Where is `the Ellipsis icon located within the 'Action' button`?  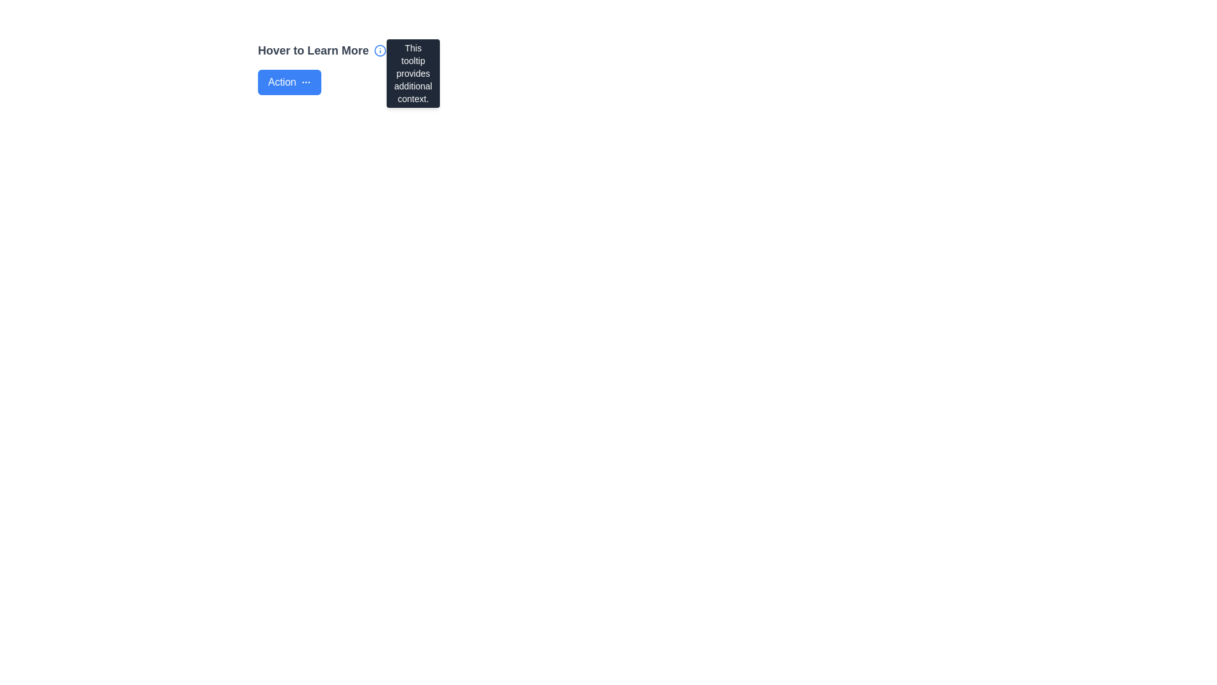 the Ellipsis icon located within the 'Action' button is located at coordinates (306, 82).